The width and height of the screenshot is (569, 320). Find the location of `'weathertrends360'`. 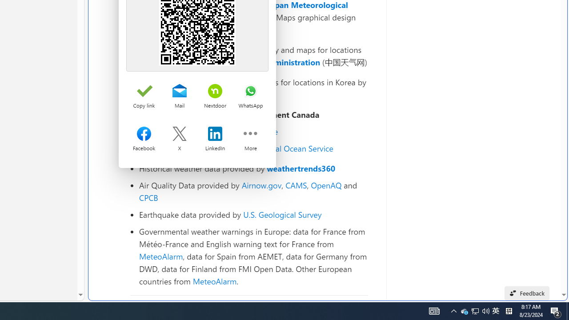

'weathertrends360' is located at coordinates (301, 168).